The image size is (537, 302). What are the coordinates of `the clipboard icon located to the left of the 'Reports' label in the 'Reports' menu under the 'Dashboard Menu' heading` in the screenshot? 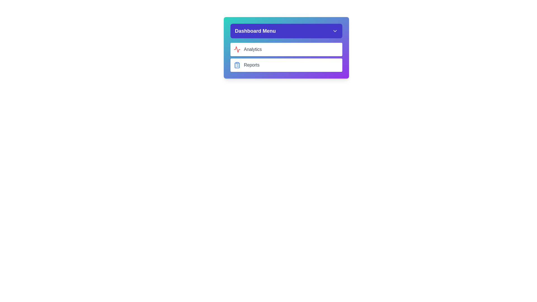 It's located at (237, 65).